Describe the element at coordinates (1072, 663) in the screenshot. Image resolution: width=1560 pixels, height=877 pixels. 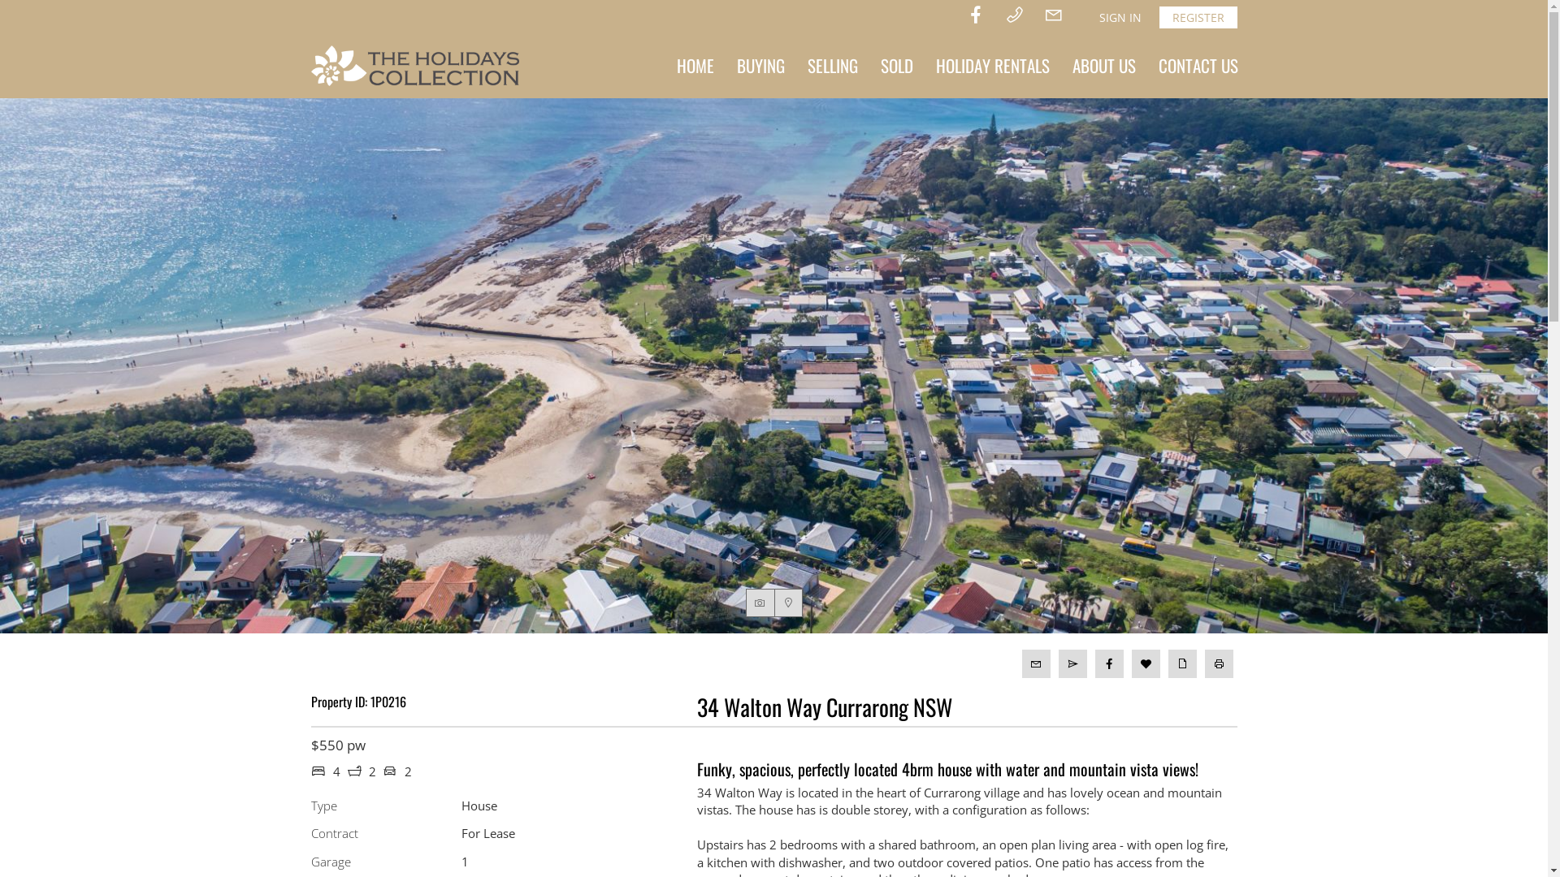
I see `'Email to Friend'` at that location.